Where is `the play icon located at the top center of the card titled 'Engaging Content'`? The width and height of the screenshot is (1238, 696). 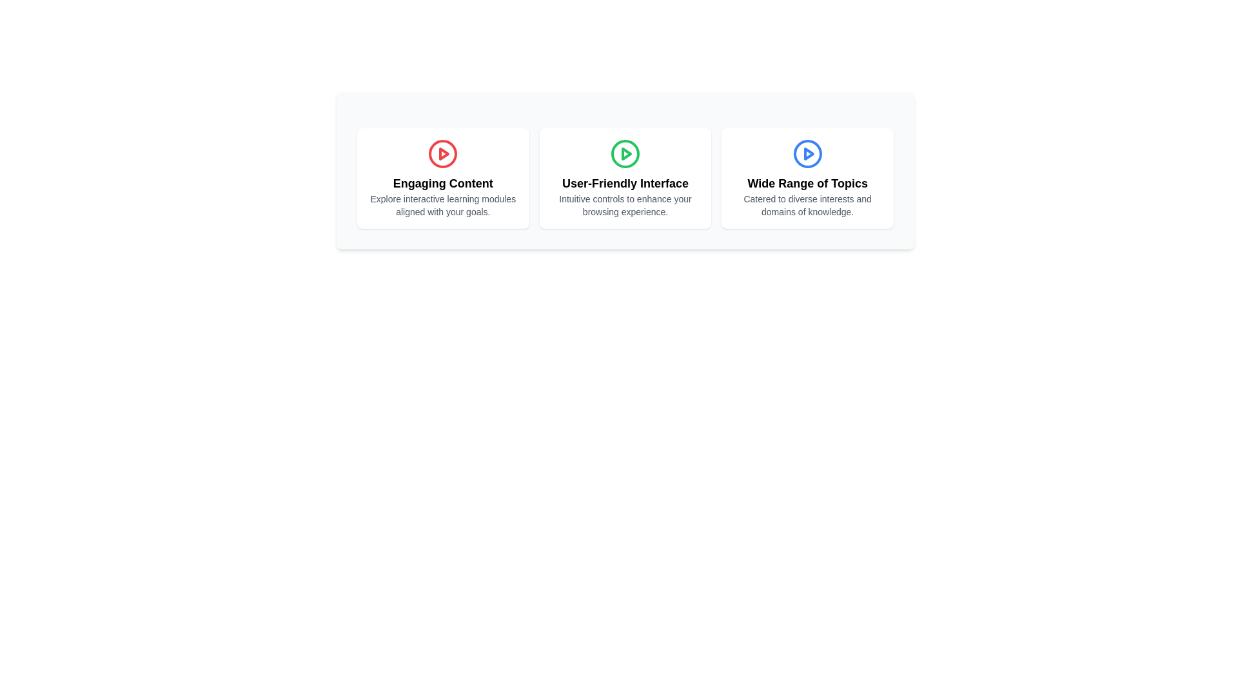 the play icon located at the top center of the card titled 'Engaging Content' is located at coordinates (443, 153).